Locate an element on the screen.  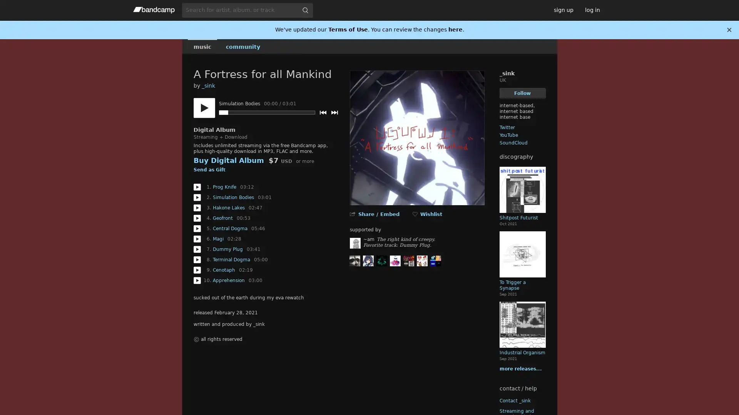
Play Cenotaph is located at coordinates (197, 269).